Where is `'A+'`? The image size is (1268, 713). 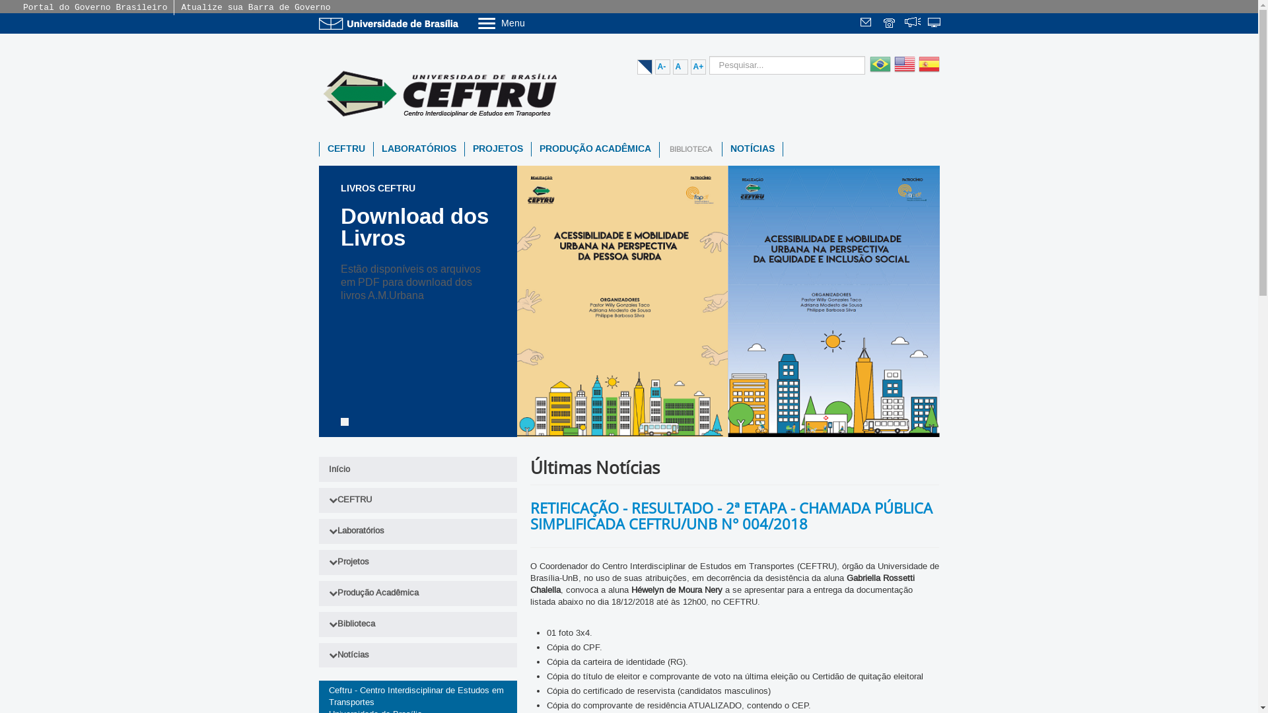 'A+' is located at coordinates (697, 67).